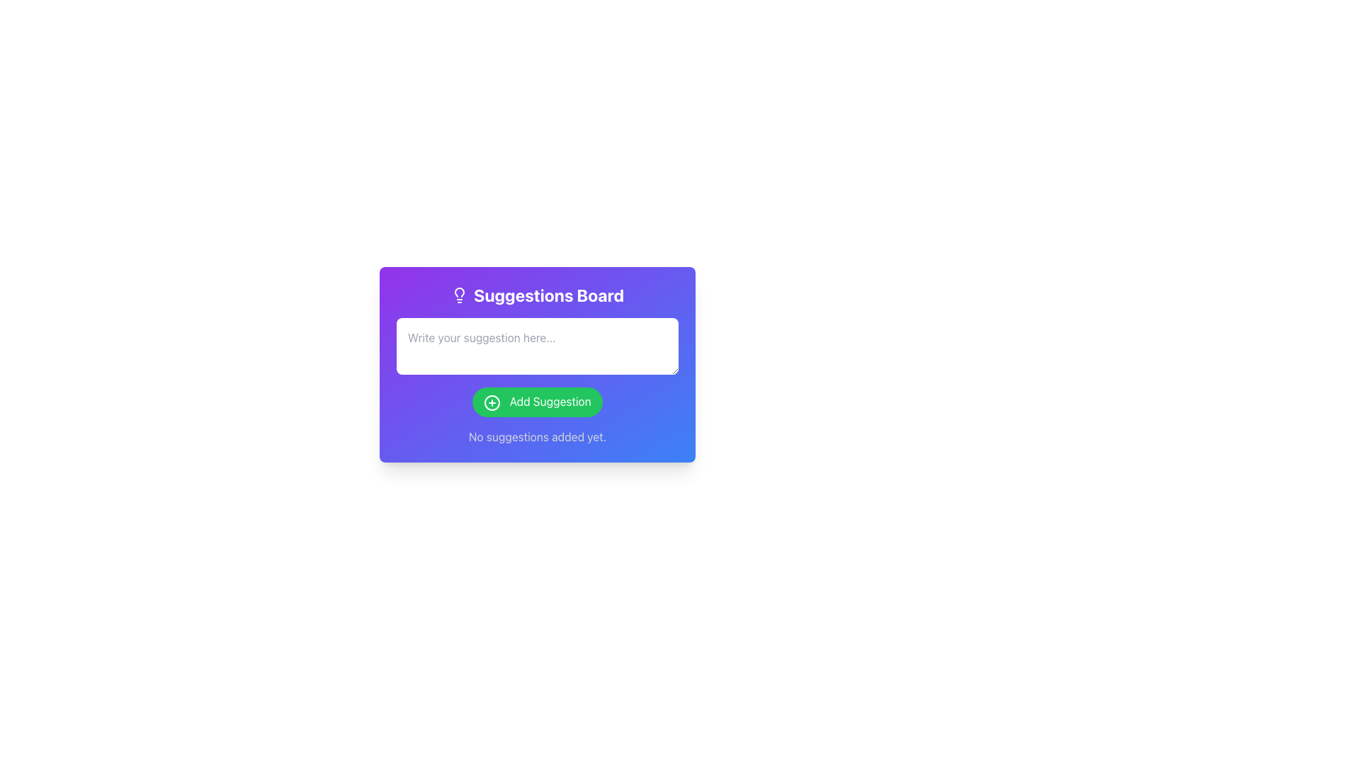  I want to click on the 'Suggestions Board' header text, which is bold and white on a gradient background with a lightbulb icon to its left, so click(536, 294).